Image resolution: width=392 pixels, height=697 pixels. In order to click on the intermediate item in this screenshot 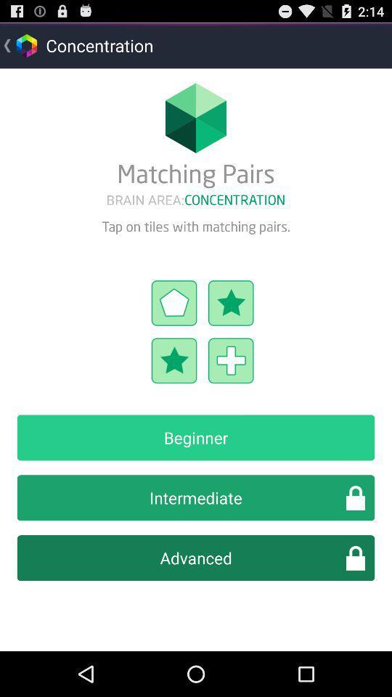, I will do `click(196, 497)`.